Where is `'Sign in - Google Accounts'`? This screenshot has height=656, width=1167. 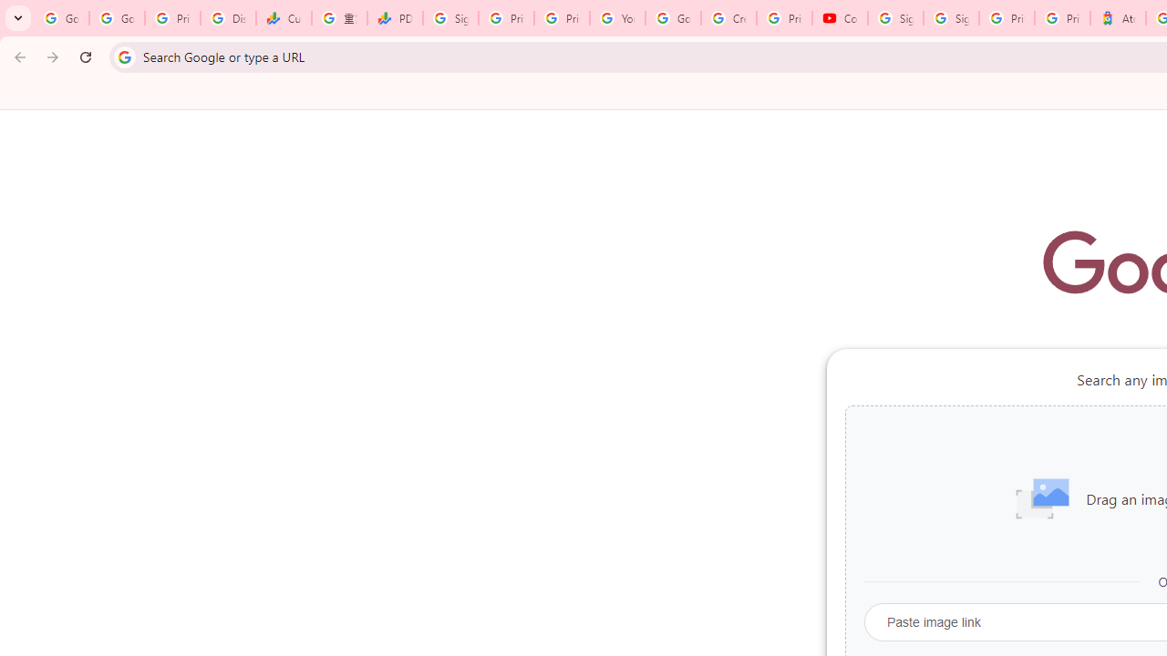 'Sign in - Google Accounts' is located at coordinates (950, 18).